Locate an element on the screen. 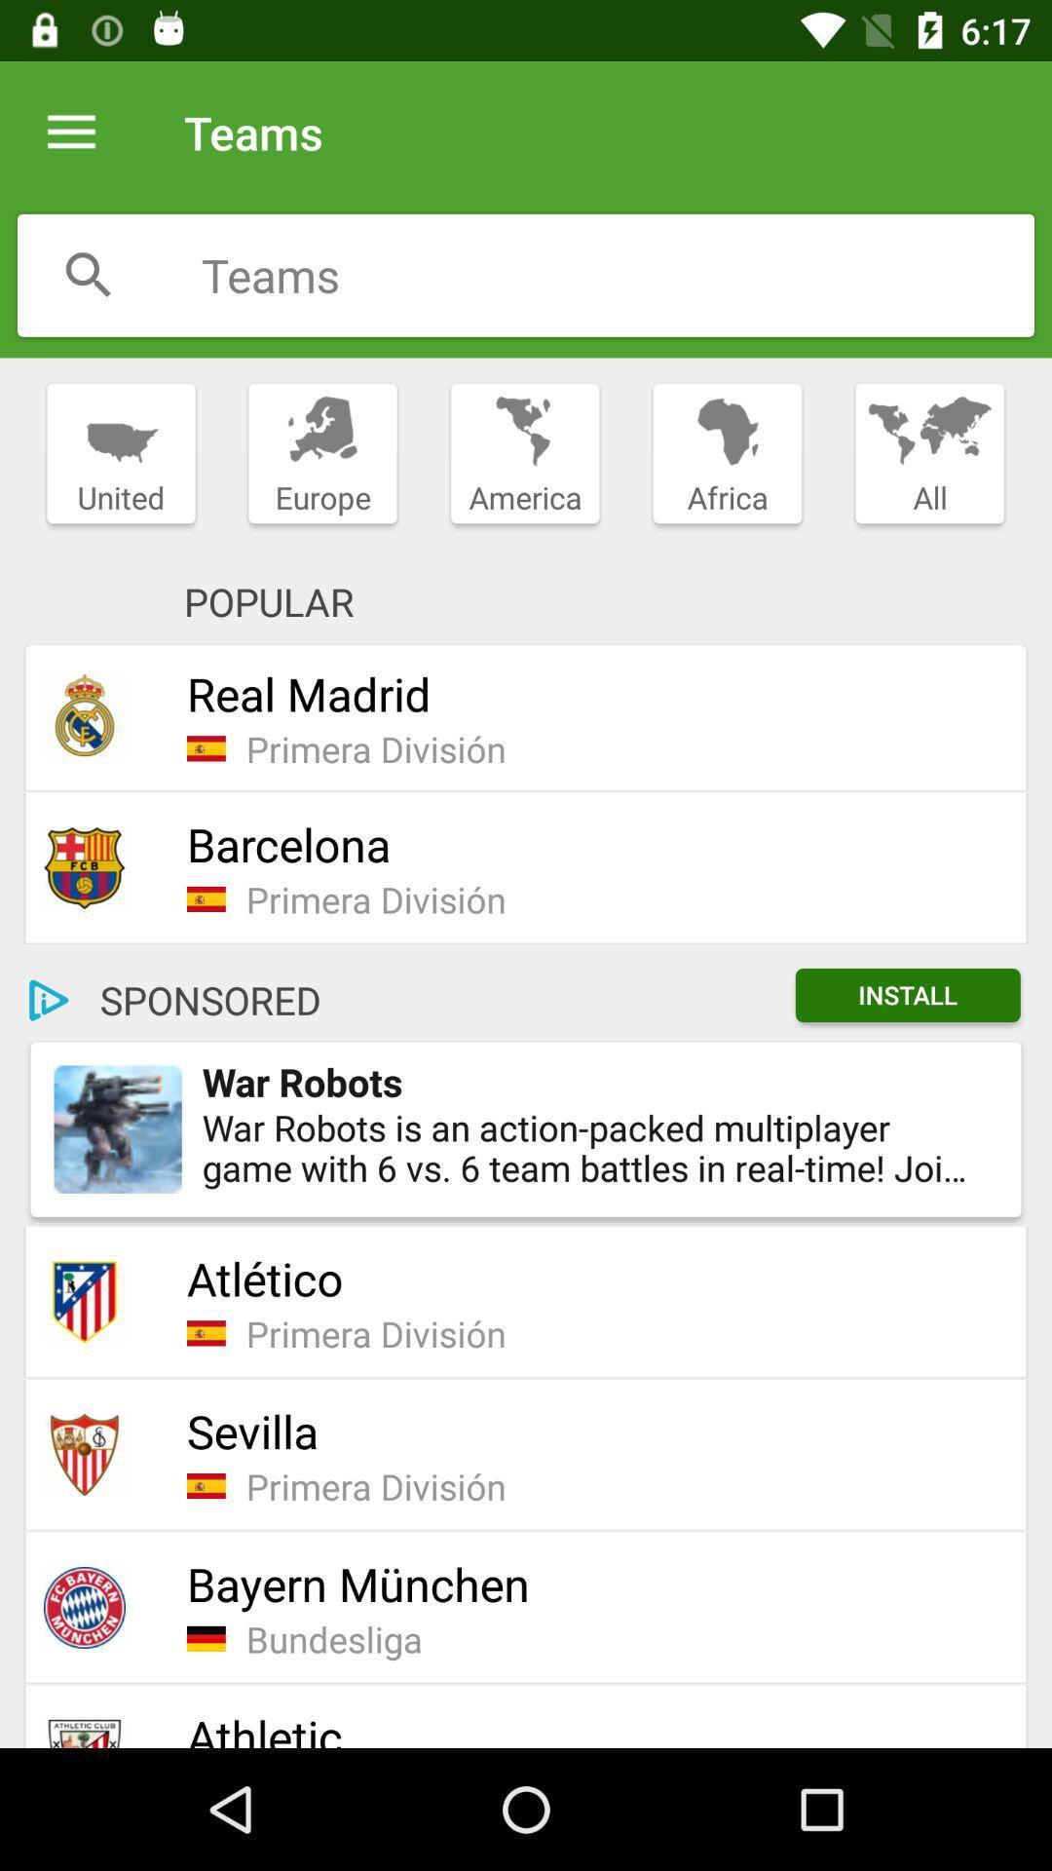 This screenshot has width=1052, height=1871. the item next to america is located at coordinates (728, 453).